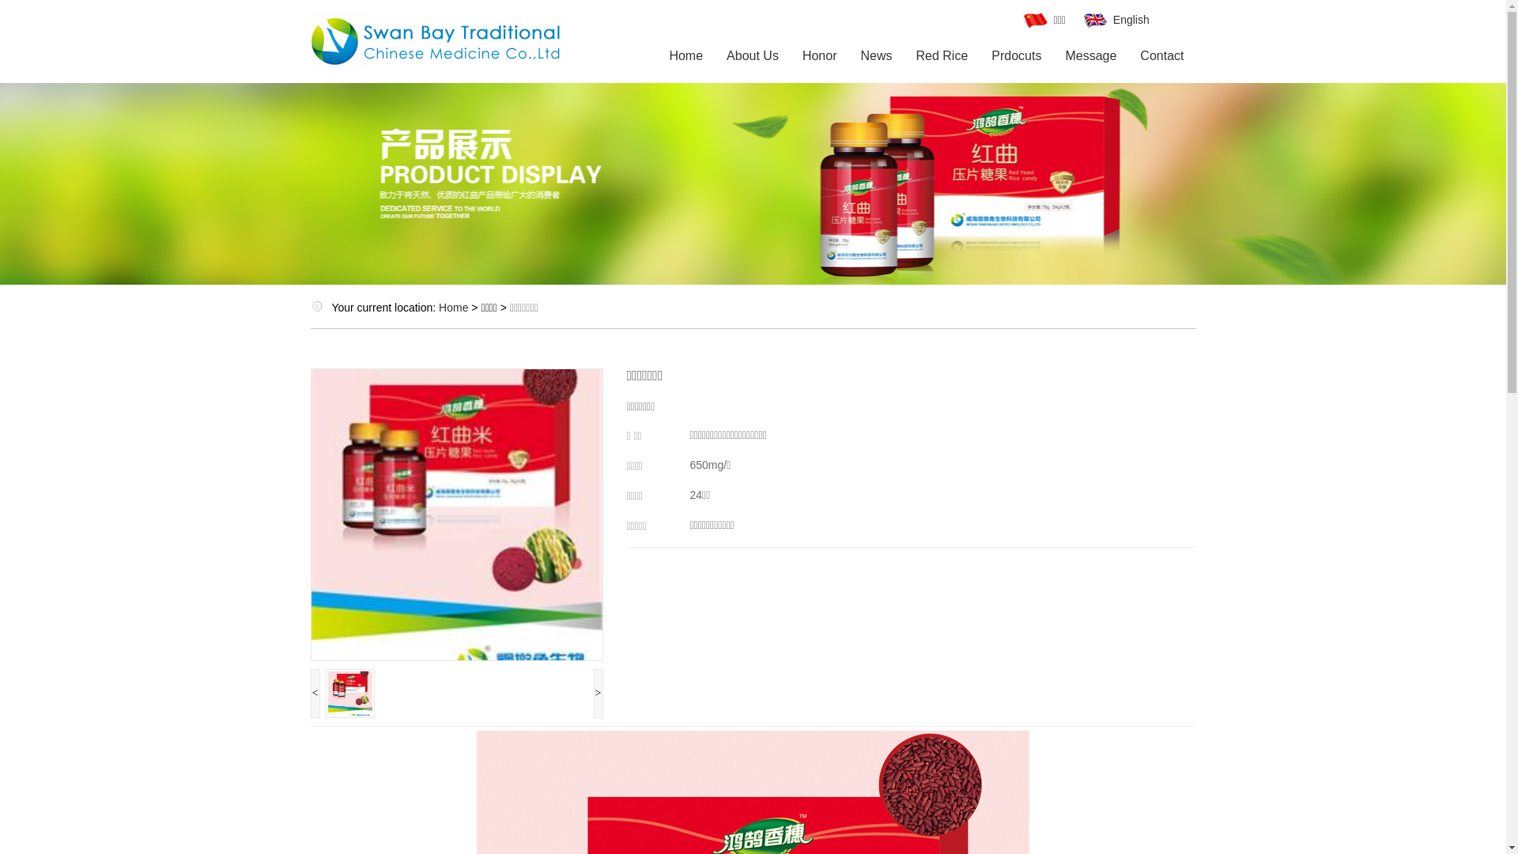 This screenshot has width=1518, height=854. I want to click on 'Prdocuts', so click(1016, 55).